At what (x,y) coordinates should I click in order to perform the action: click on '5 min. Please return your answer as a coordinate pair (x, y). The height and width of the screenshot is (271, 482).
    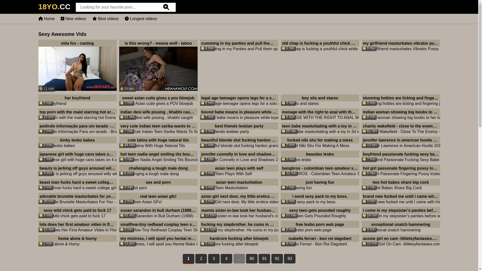
    Looking at the image, I should click on (400, 170).